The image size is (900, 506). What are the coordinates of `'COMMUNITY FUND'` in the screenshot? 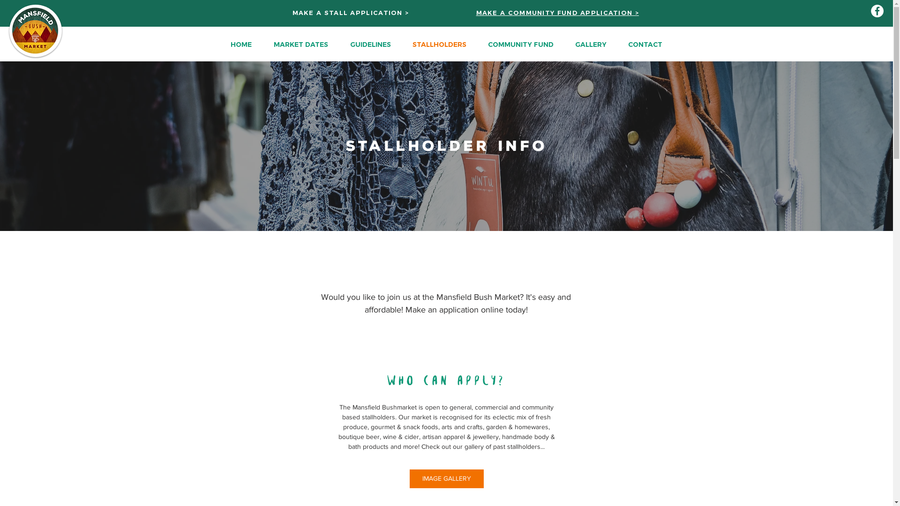 It's located at (477, 44).